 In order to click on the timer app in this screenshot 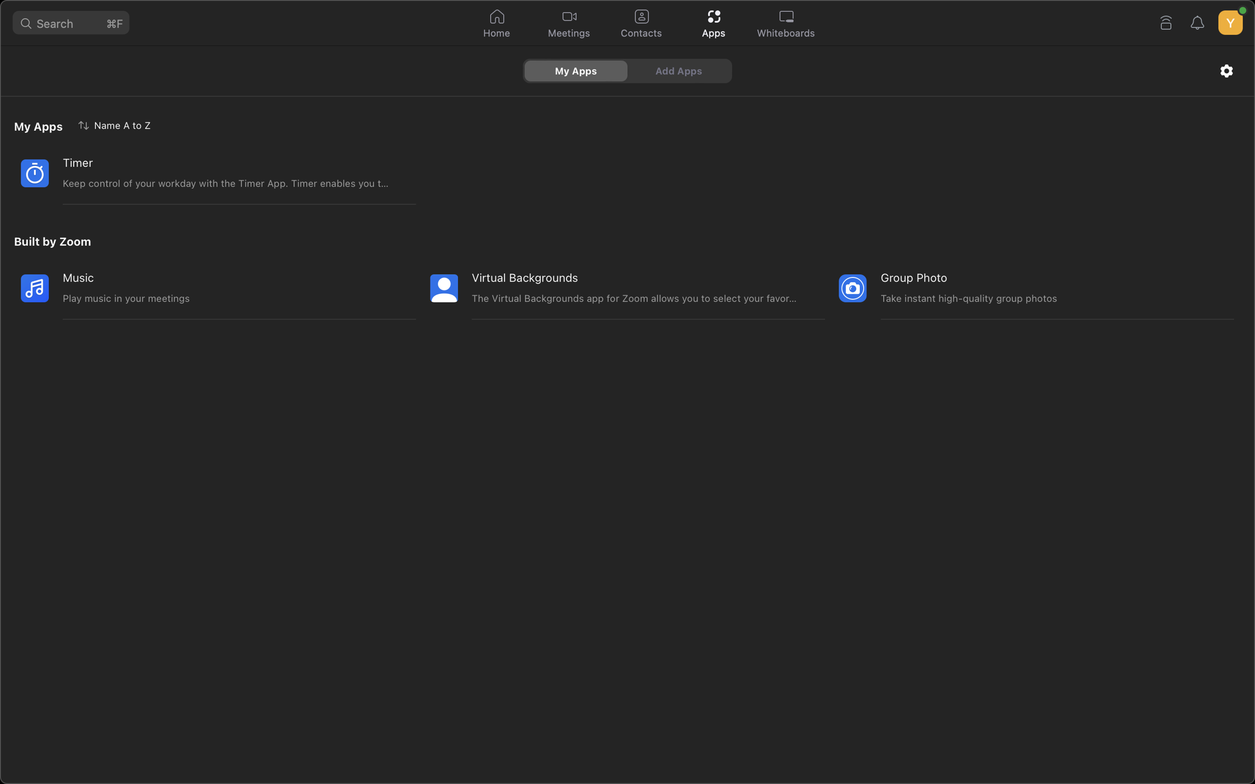, I will do `click(202, 173)`.